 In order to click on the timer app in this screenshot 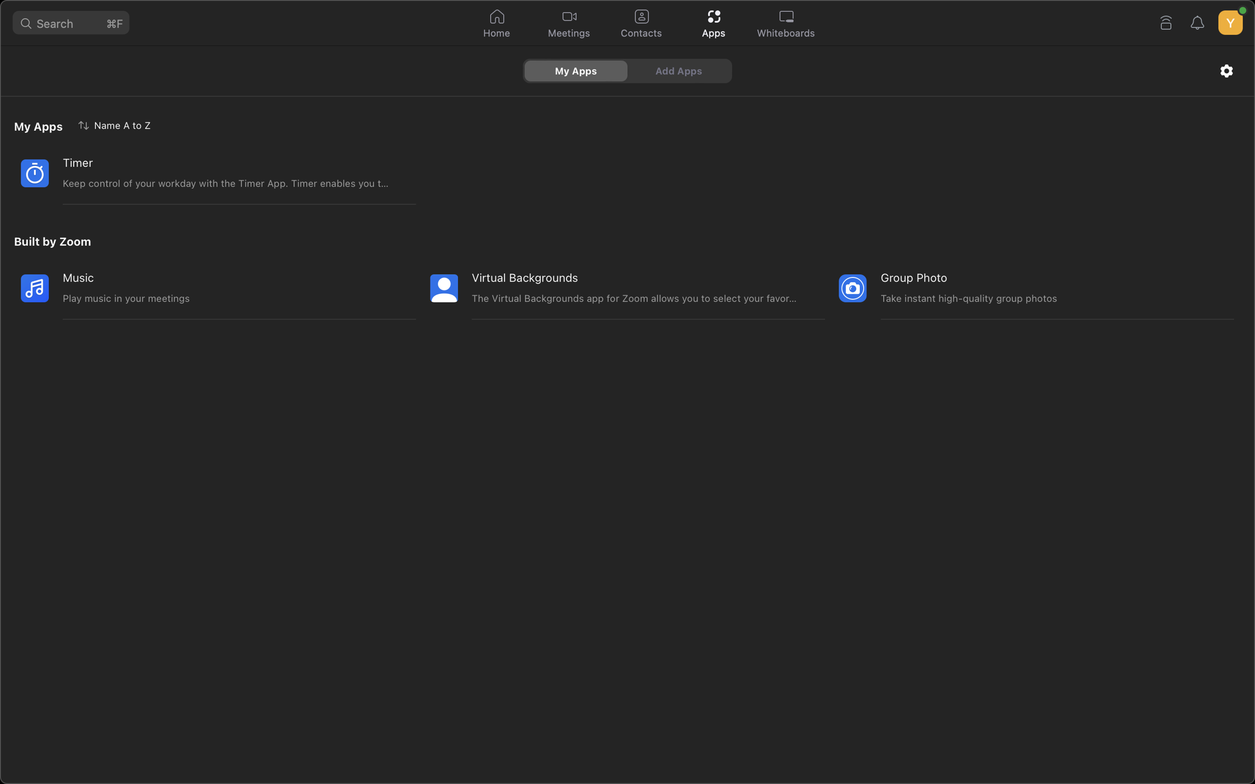, I will do `click(202, 173)`.